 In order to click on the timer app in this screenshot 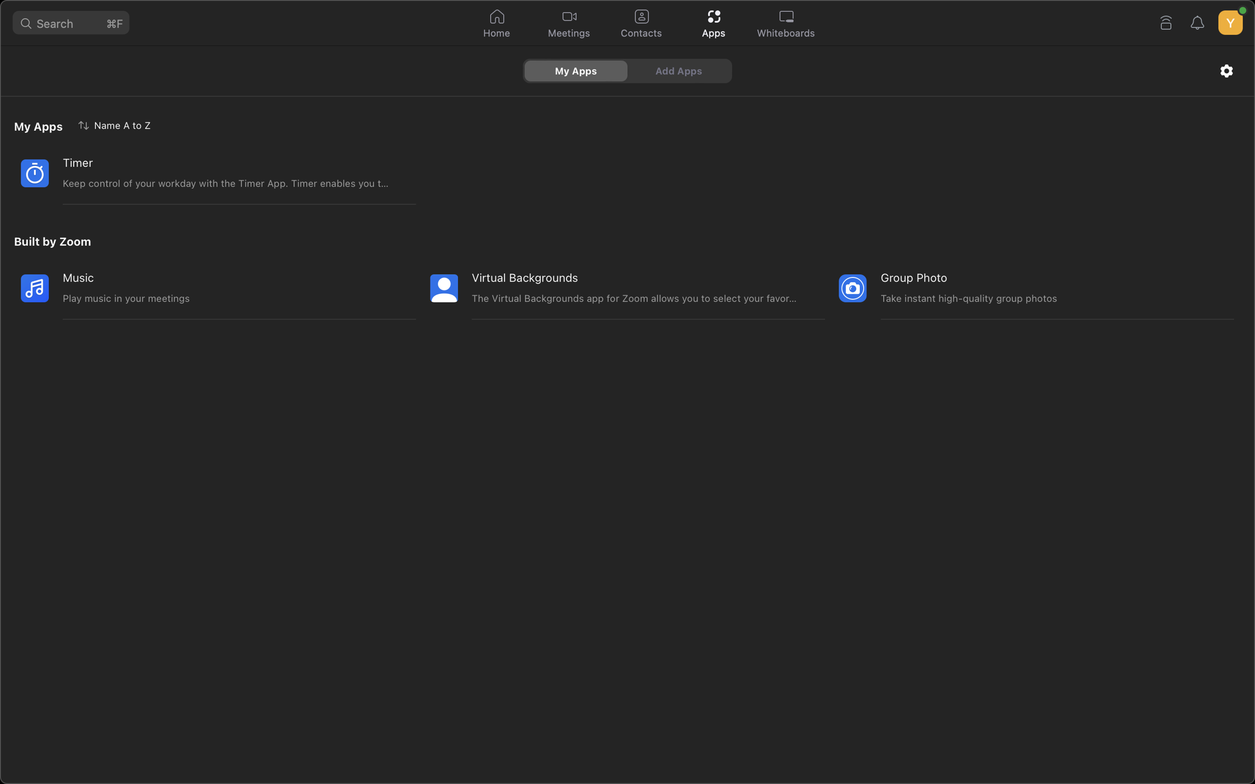, I will do `click(202, 173)`.